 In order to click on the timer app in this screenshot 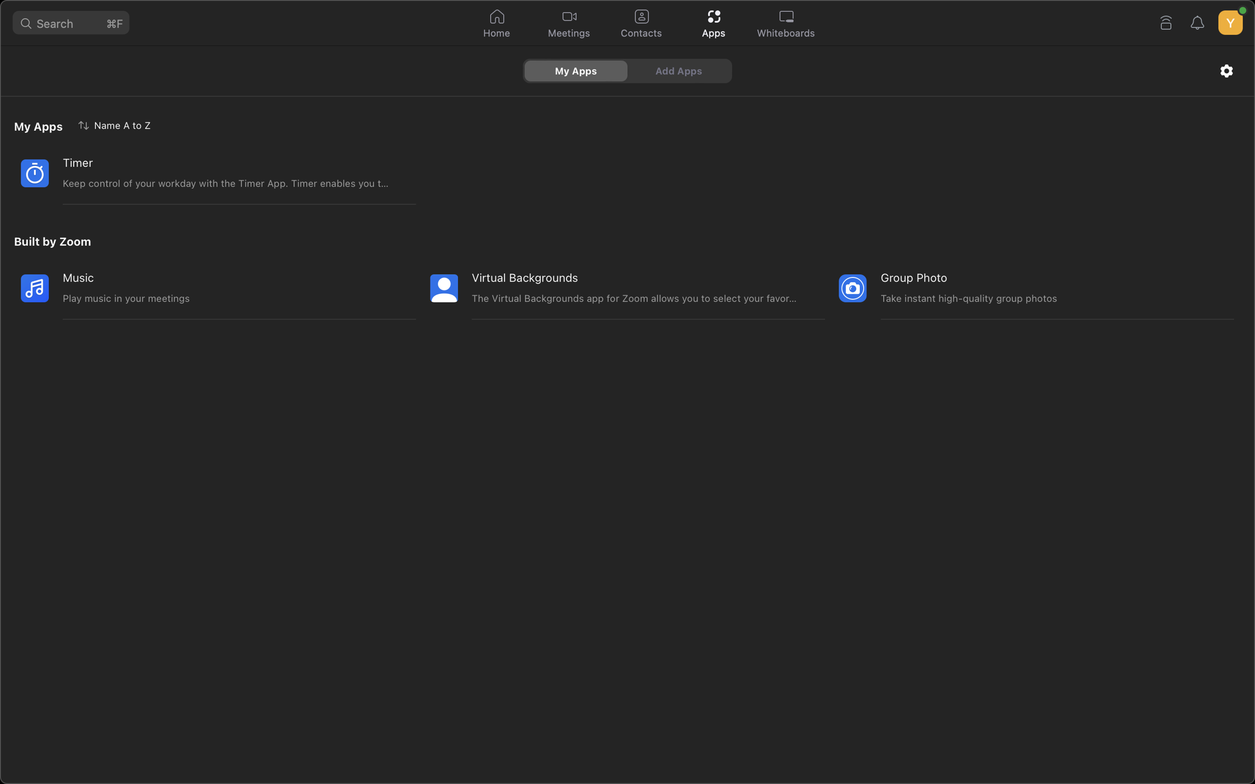, I will do `click(202, 173)`.